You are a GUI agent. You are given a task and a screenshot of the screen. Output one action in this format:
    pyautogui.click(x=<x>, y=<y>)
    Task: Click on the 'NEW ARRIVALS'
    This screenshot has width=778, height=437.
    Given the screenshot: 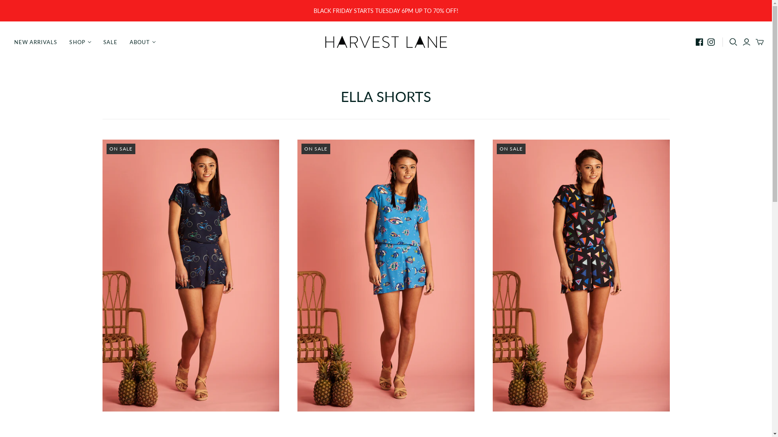 What is the action you would take?
    pyautogui.click(x=8, y=42)
    